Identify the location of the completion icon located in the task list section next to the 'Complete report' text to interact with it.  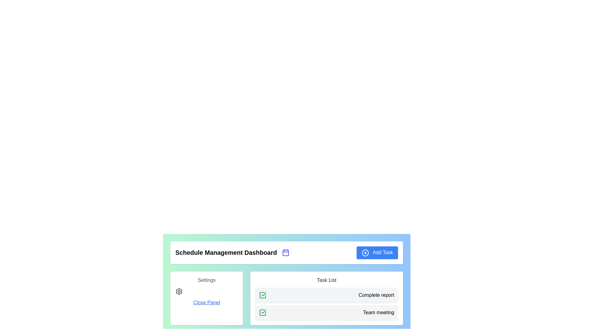
(264, 311).